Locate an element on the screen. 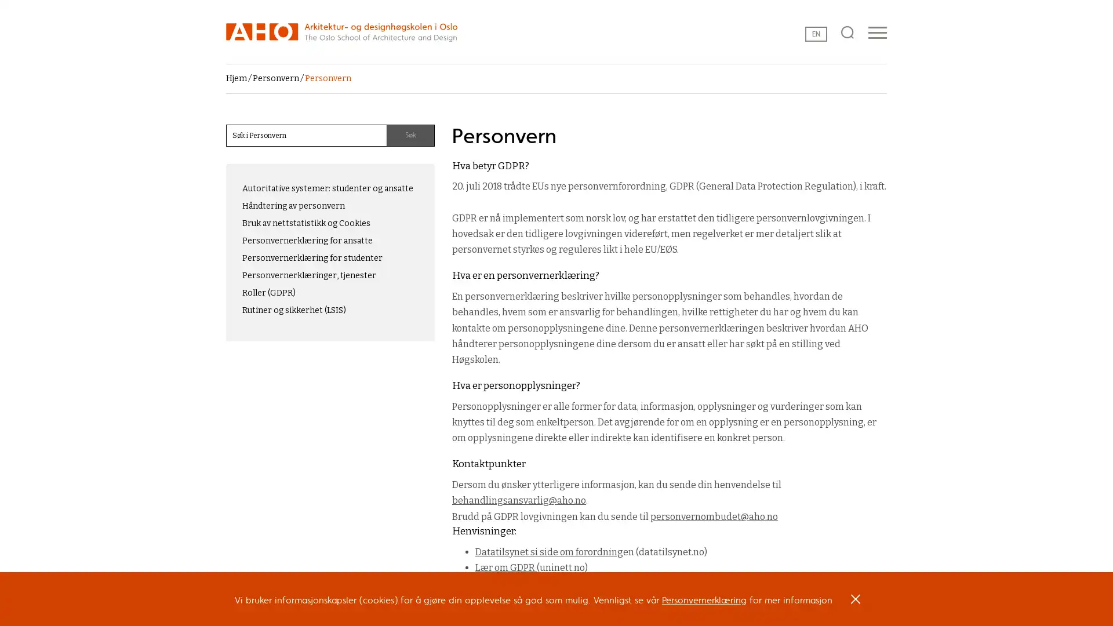 The width and height of the screenshot is (1113, 626). Sk is located at coordinates (410, 135).